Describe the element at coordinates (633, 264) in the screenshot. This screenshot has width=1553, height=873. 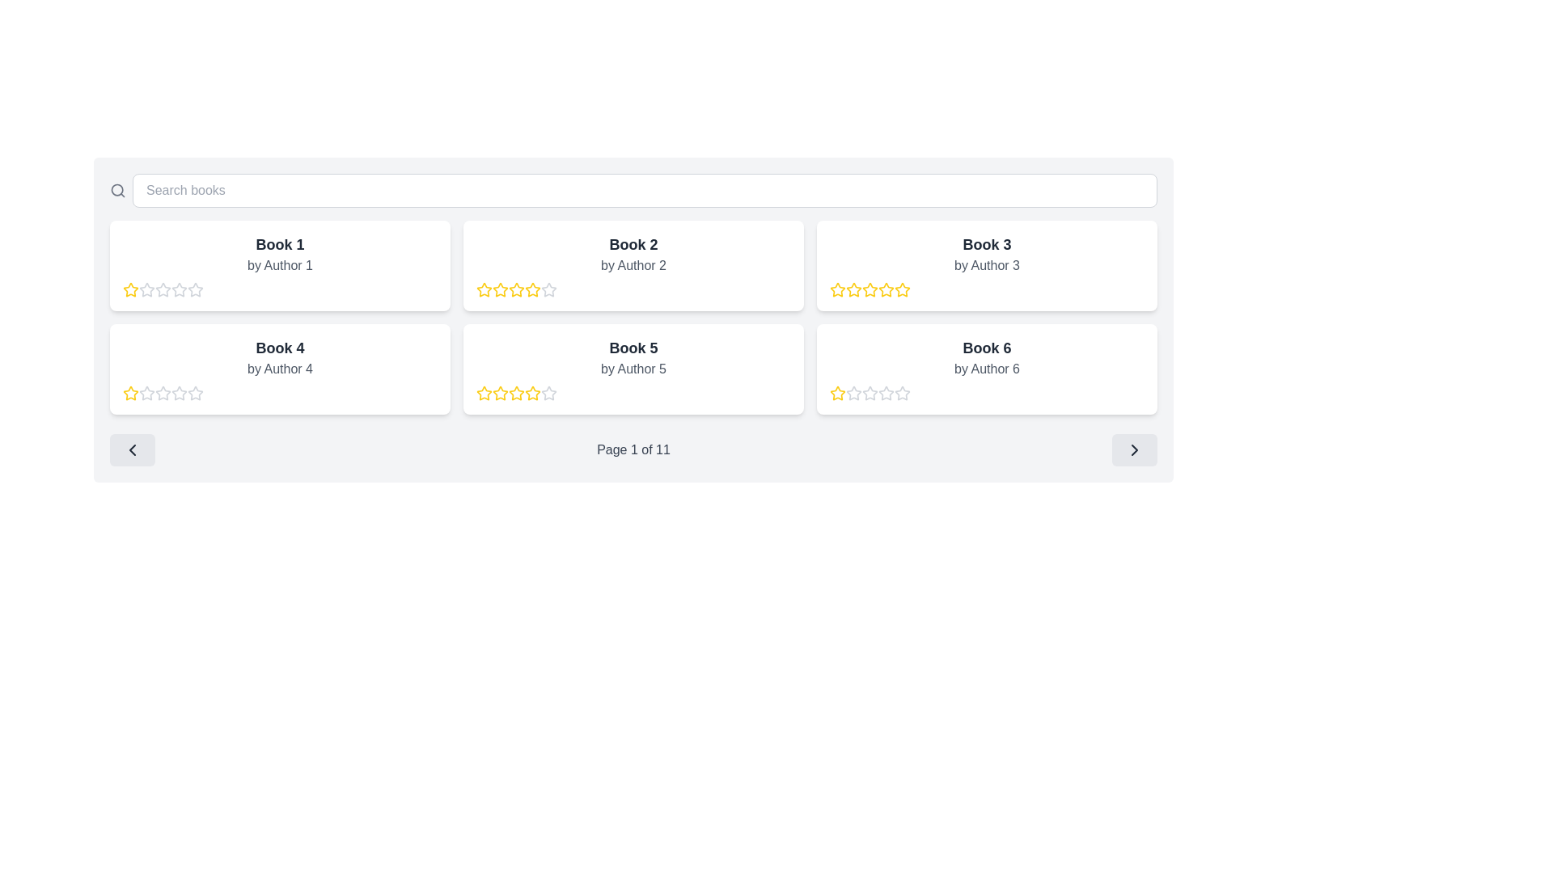
I see `the non-interactive text label displaying 'by Author 2', which is located beneath the title 'Book 2' in the card layout` at that location.